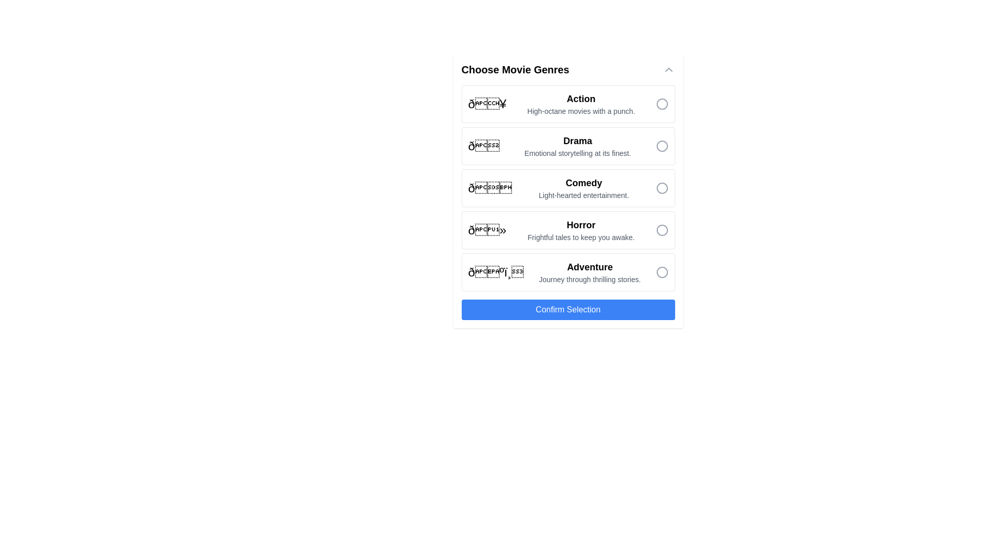  Describe the element at coordinates (584, 188) in the screenshot. I see `the 'Comedy' text label, which is the second option in the list of movie genres, styled in bold black font with a description below it` at that location.